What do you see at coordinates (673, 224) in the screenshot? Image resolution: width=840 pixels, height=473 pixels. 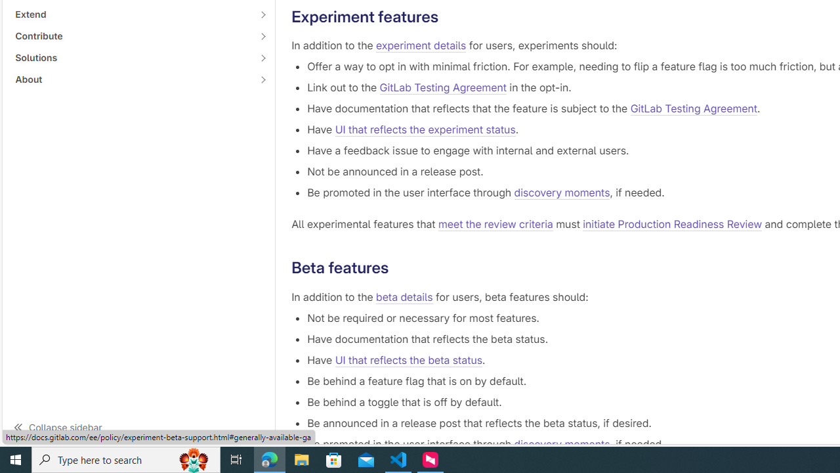 I see `'initiate Production Readiness Review'` at bounding box center [673, 224].